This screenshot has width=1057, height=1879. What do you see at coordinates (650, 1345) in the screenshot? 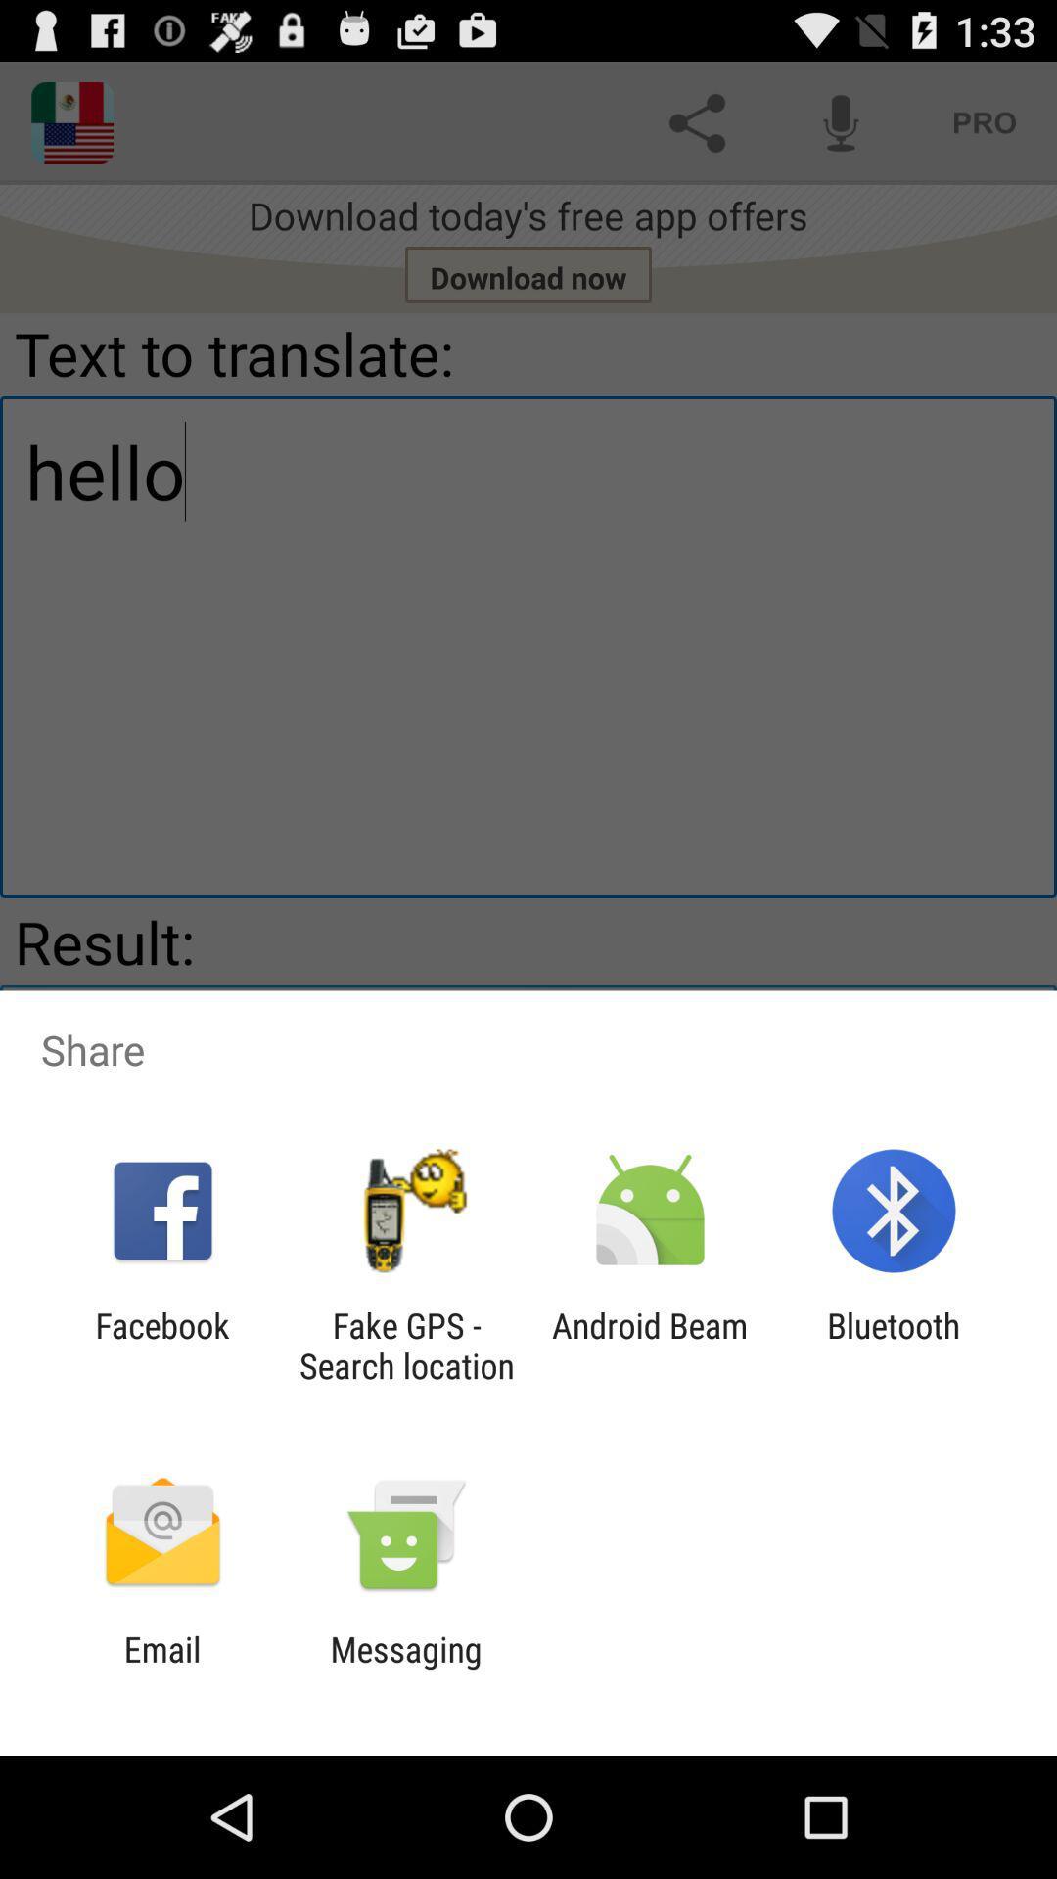
I see `icon to the left of bluetooth app` at bounding box center [650, 1345].